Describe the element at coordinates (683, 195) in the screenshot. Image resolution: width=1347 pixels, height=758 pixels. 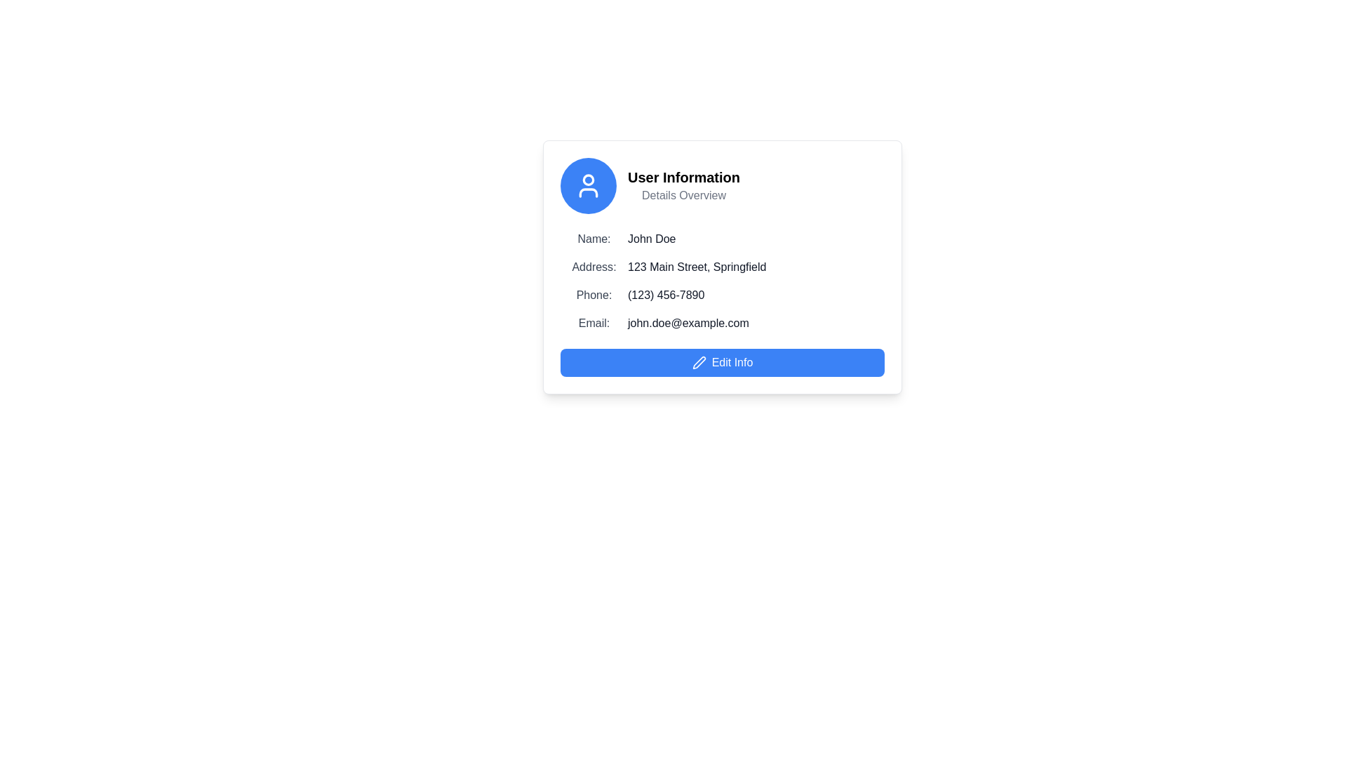
I see `the 'Details Overview' text label, which is styled in gray and located below the 'User Information' title` at that location.